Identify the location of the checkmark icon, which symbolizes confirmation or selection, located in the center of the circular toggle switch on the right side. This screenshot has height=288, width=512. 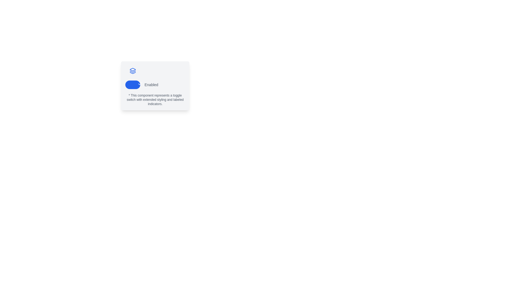
(140, 83).